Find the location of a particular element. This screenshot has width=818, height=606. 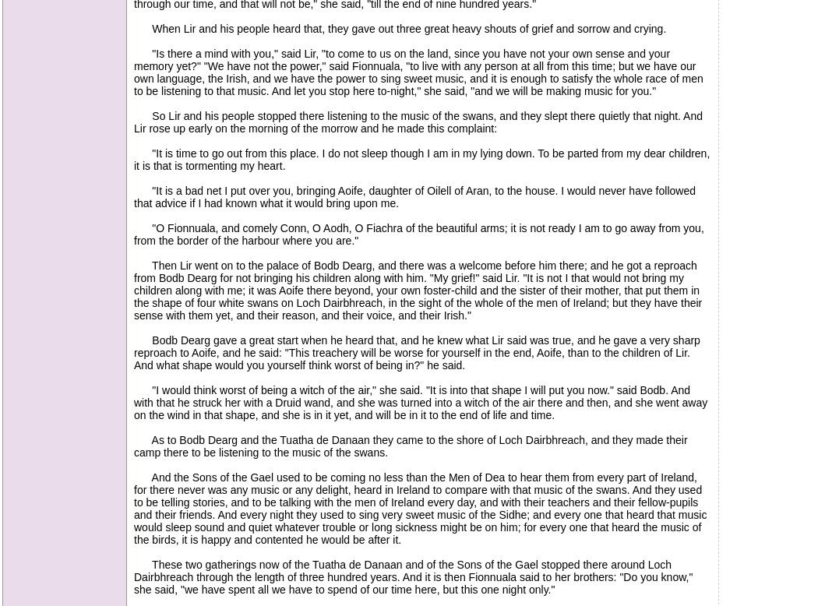

'When Lir and his people heard that, they gave out three great heavy shouts of grief and sorrow and crying.' is located at coordinates (399, 29).